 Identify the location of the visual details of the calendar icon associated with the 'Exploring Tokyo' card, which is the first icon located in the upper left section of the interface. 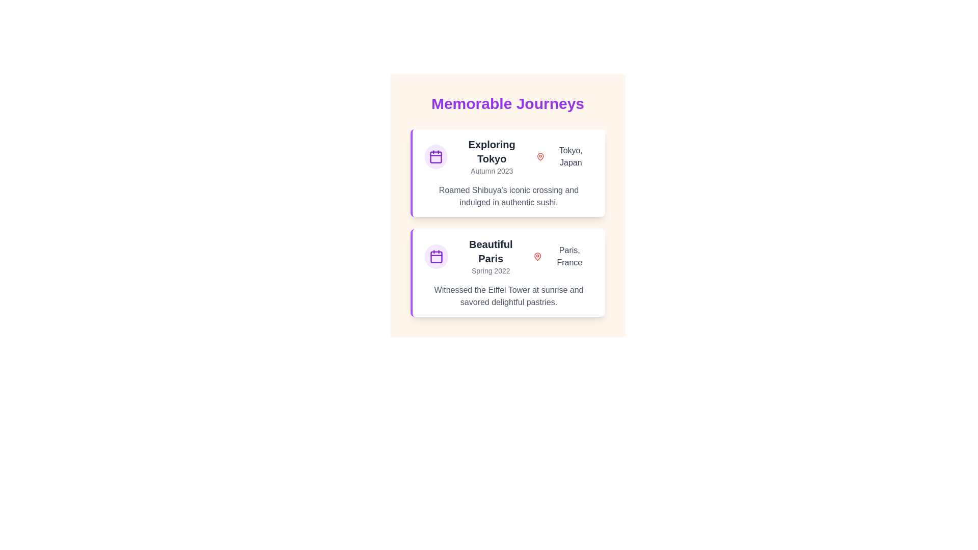
(436, 157).